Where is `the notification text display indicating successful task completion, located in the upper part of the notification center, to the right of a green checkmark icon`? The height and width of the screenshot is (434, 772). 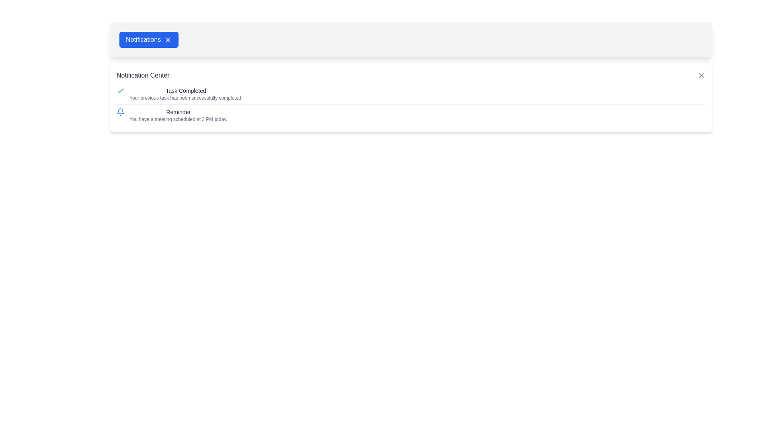 the notification text display indicating successful task completion, located in the upper part of the notification center, to the right of a green checkmark icon is located at coordinates (185, 94).